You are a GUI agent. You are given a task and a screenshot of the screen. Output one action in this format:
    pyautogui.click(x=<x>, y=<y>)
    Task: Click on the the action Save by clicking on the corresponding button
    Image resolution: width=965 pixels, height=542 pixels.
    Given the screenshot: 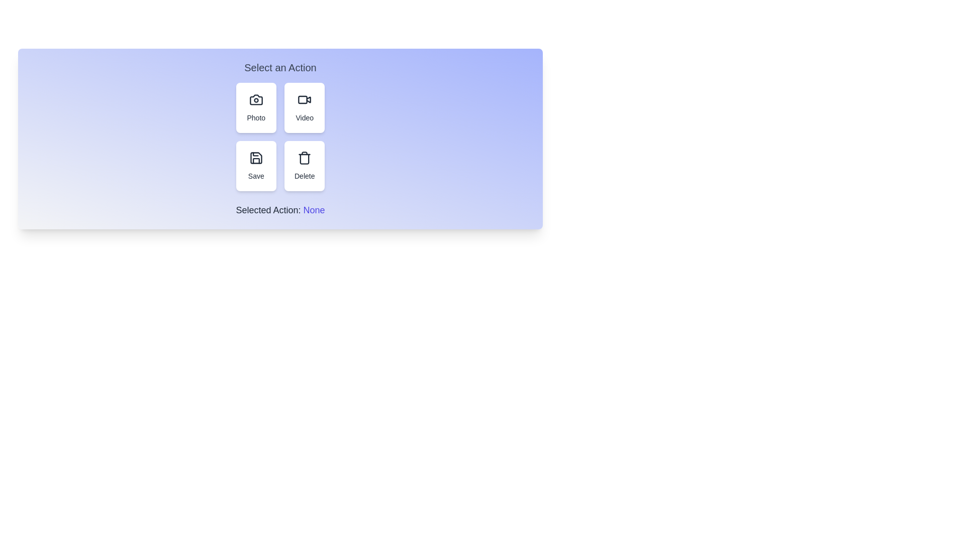 What is the action you would take?
    pyautogui.click(x=256, y=166)
    